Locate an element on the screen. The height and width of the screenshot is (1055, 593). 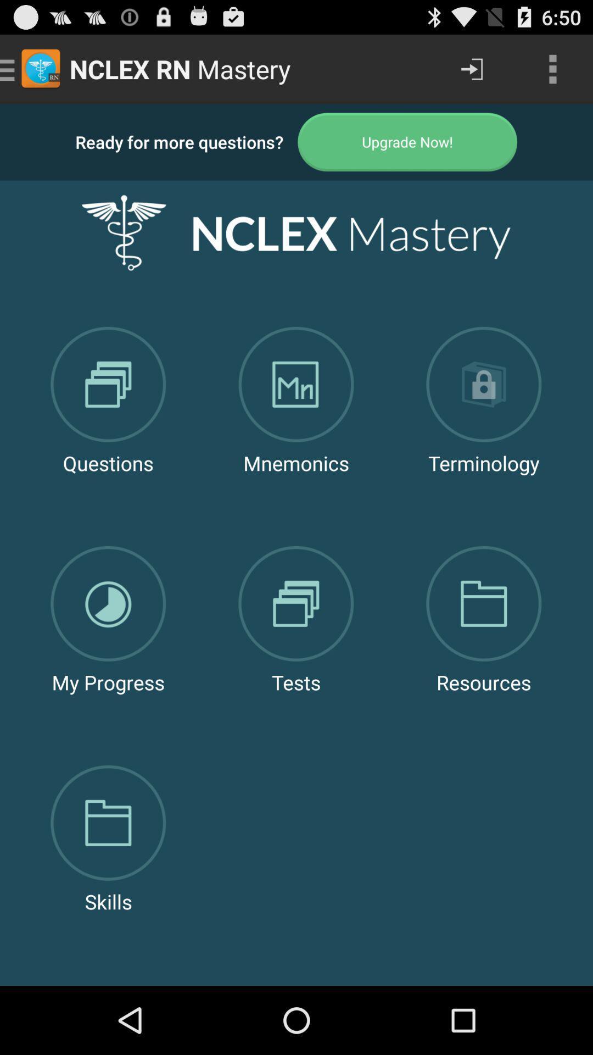
the icon next to nclex rn mastery app is located at coordinates (471, 68).